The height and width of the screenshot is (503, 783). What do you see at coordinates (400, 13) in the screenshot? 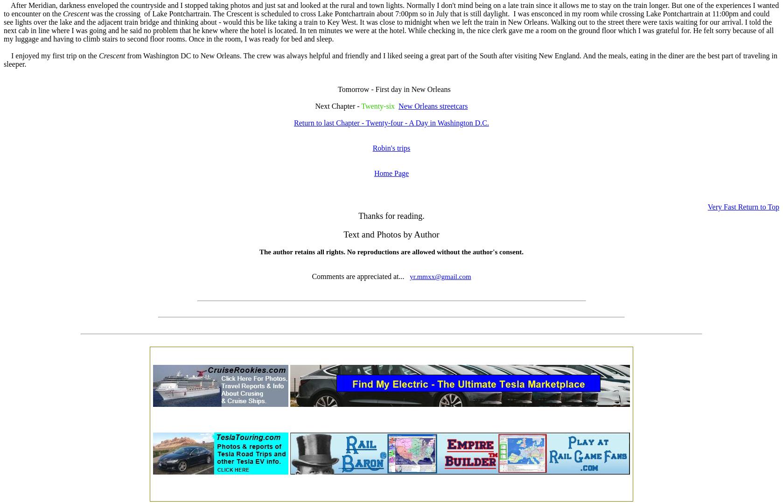
I see `'was the crossing  of Lake Pontchartrain. The Crescent is
        scheduled to cross Lake Pontchartrain about 7:00pm so in July
        that is still daylight.  I was ensconced in my room while
        crossing Lake Pontchartrain at'` at bounding box center [400, 13].